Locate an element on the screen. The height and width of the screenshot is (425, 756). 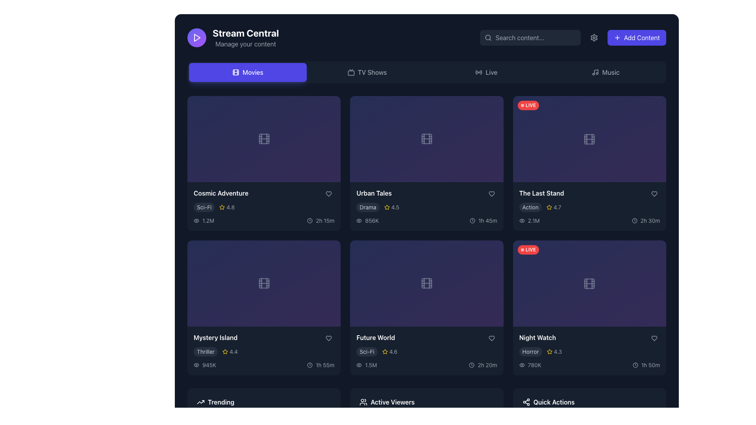
the gear-shaped settings icon located in the top-right corner of the interface, adjacent to the 'Add Content' button is located at coordinates (594, 38).